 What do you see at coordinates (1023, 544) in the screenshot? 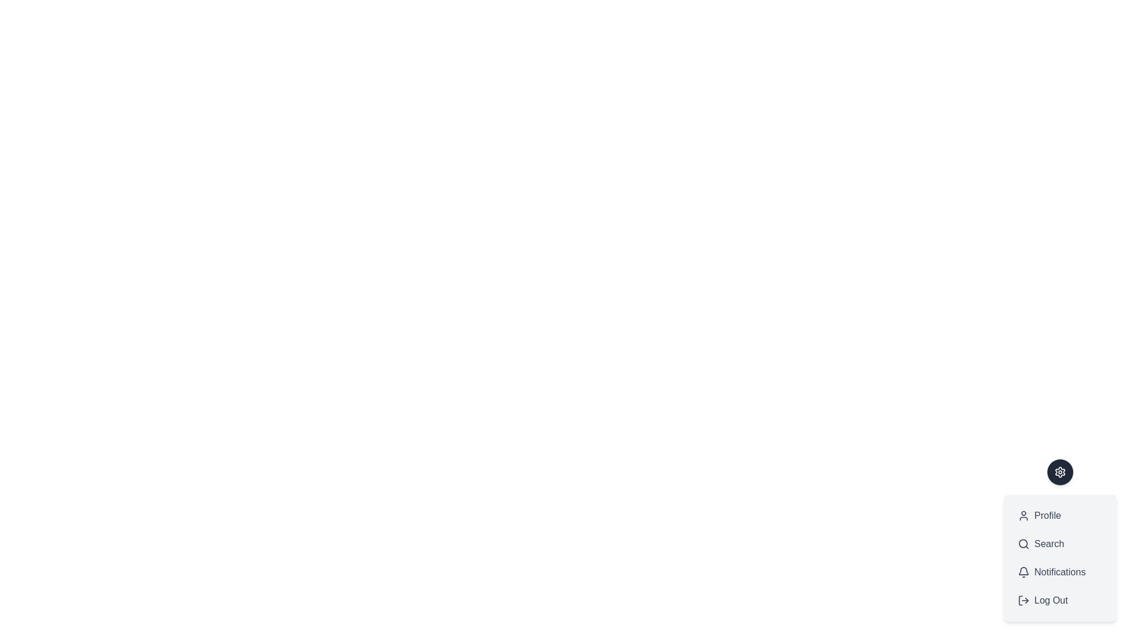
I see `the magnifying glass icon in the 'Search' menu item, which is located below 'Profile' and above 'Notifications' in the pop-up menu` at bounding box center [1023, 544].